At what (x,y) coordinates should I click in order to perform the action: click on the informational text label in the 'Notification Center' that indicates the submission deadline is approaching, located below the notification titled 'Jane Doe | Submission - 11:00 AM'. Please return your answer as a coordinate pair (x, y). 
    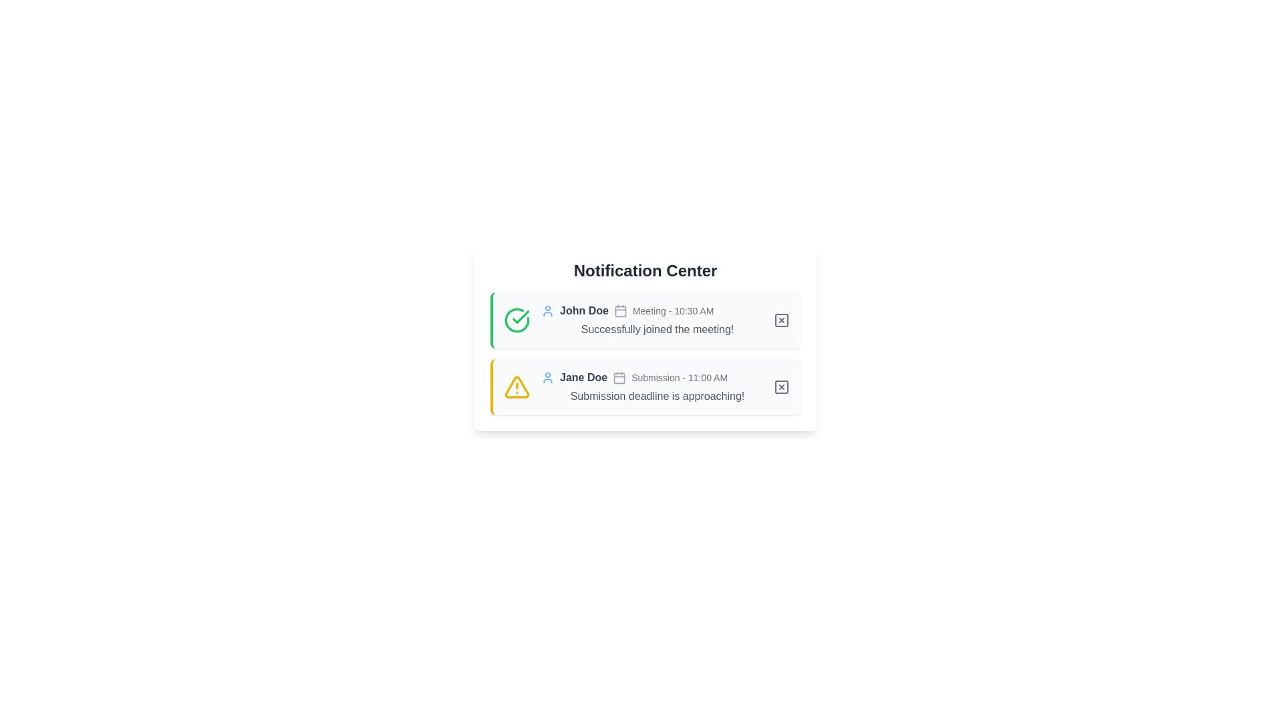
    Looking at the image, I should click on (657, 396).